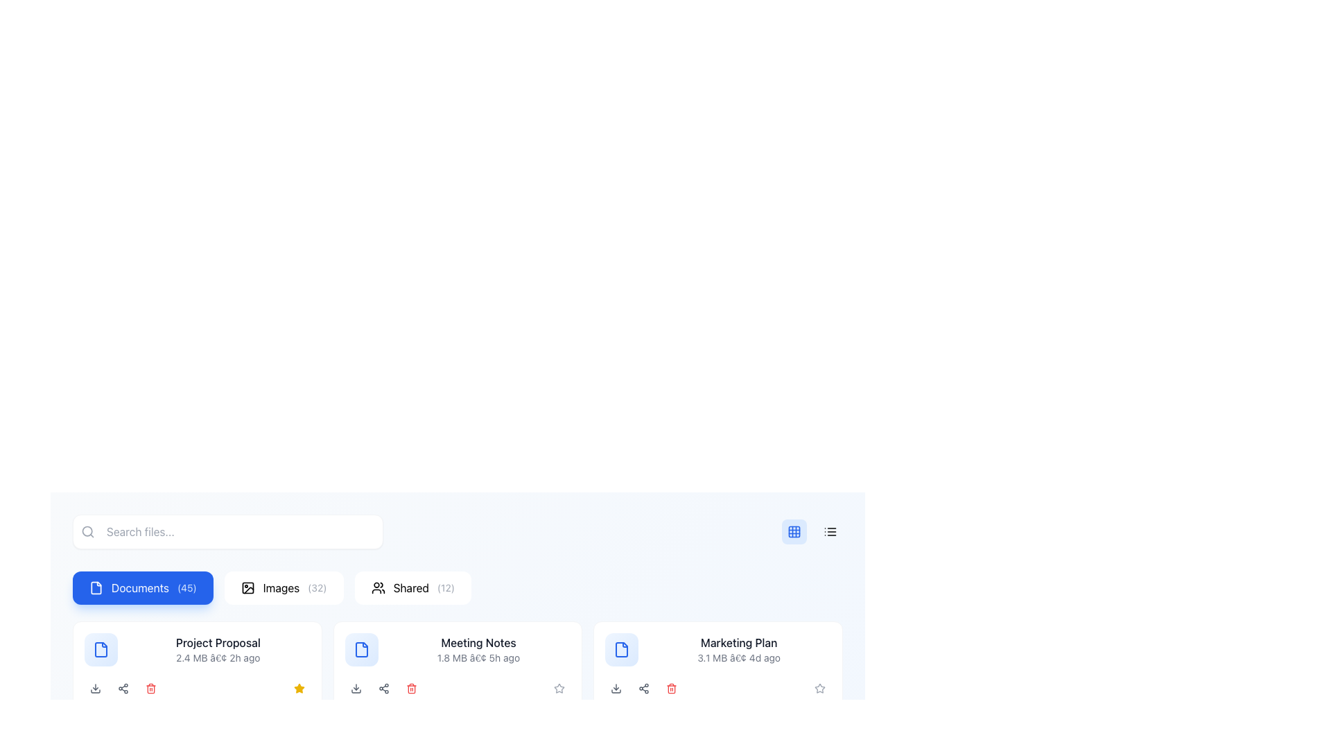 The image size is (1331, 749). Describe the element at coordinates (383, 688) in the screenshot. I see `the share icon located near the middle of the bottom part of the interface` at that location.